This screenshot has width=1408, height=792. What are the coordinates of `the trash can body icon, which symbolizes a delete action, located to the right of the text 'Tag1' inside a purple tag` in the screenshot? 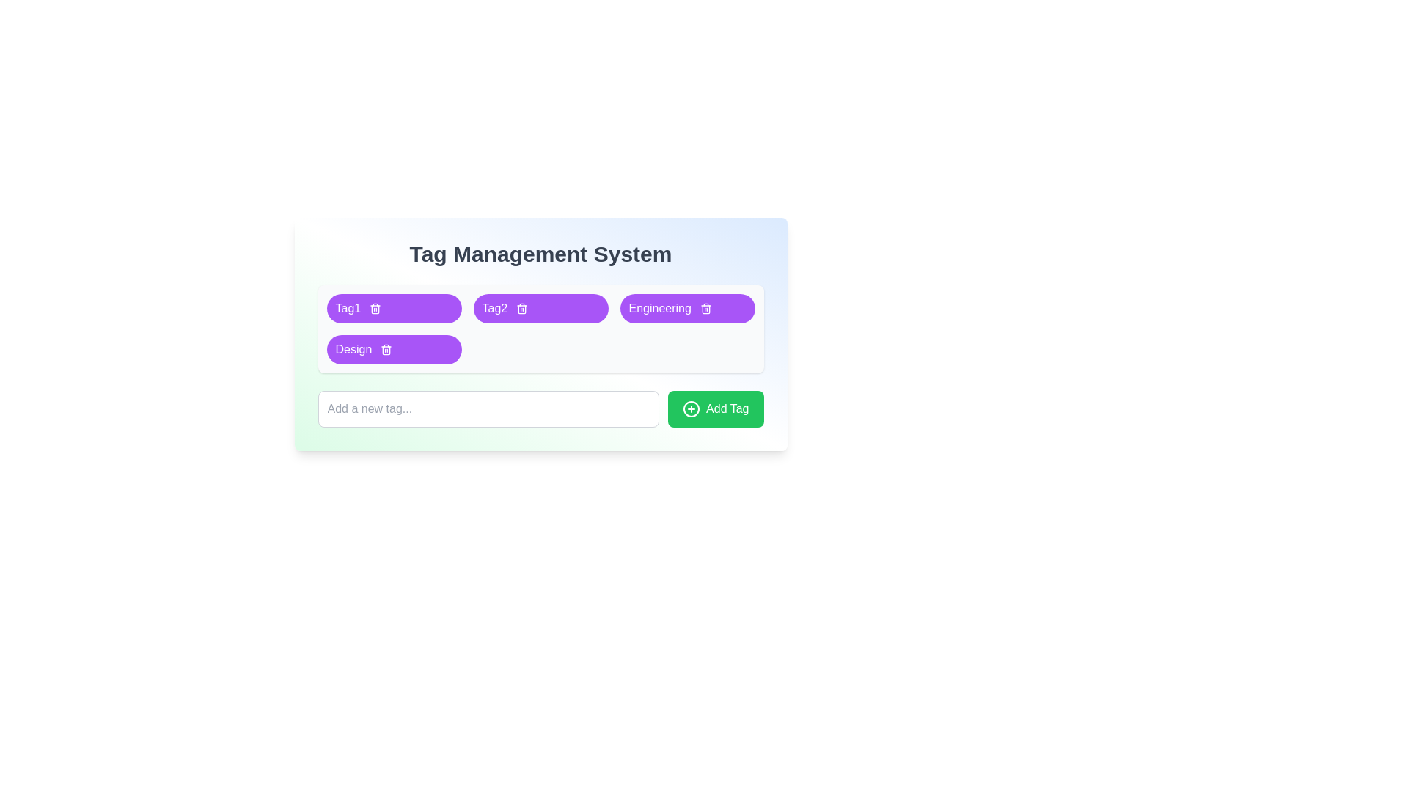 It's located at (375, 309).